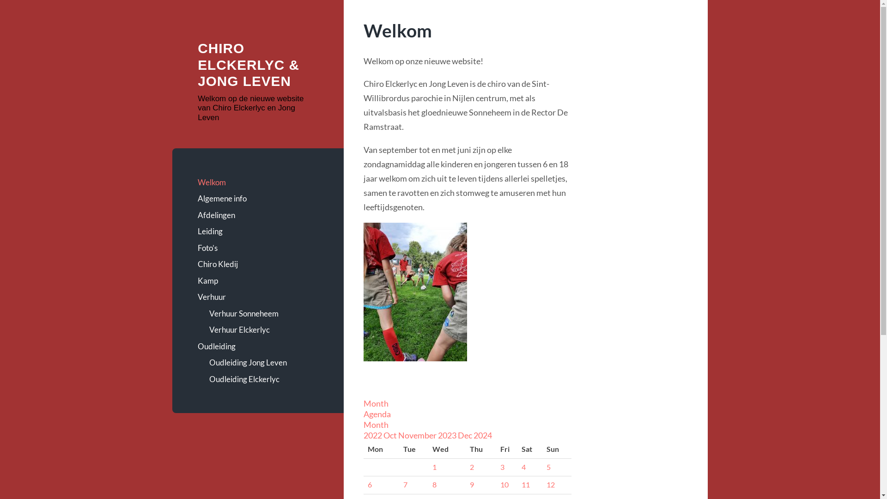  What do you see at coordinates (472, 484) in the screenshot?
I see `'9'` at bounding box center [472, 484].